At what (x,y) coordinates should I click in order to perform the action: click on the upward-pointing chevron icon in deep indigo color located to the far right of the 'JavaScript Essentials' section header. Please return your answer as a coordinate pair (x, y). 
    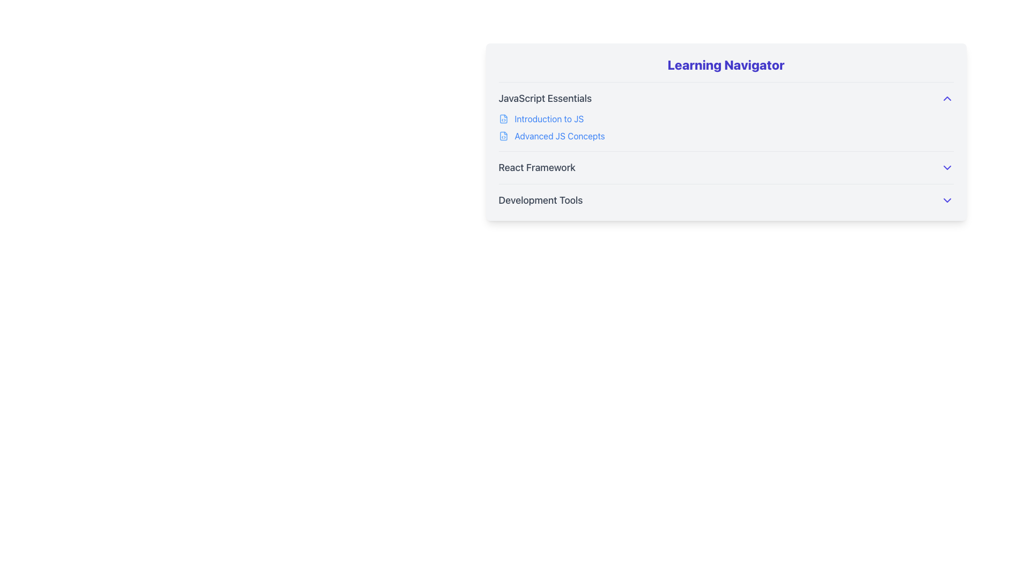
    Looking at the image, I should click on (947, 99).